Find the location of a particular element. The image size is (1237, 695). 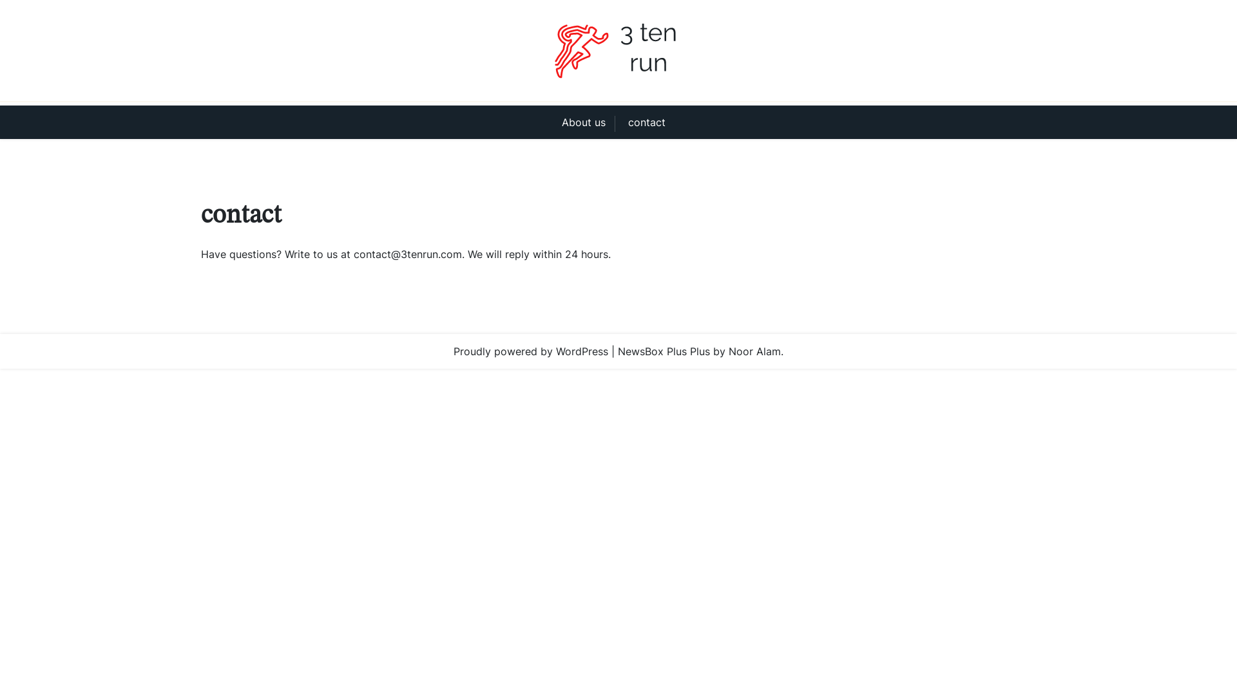

'About us' is located at coordinates (588, 122).